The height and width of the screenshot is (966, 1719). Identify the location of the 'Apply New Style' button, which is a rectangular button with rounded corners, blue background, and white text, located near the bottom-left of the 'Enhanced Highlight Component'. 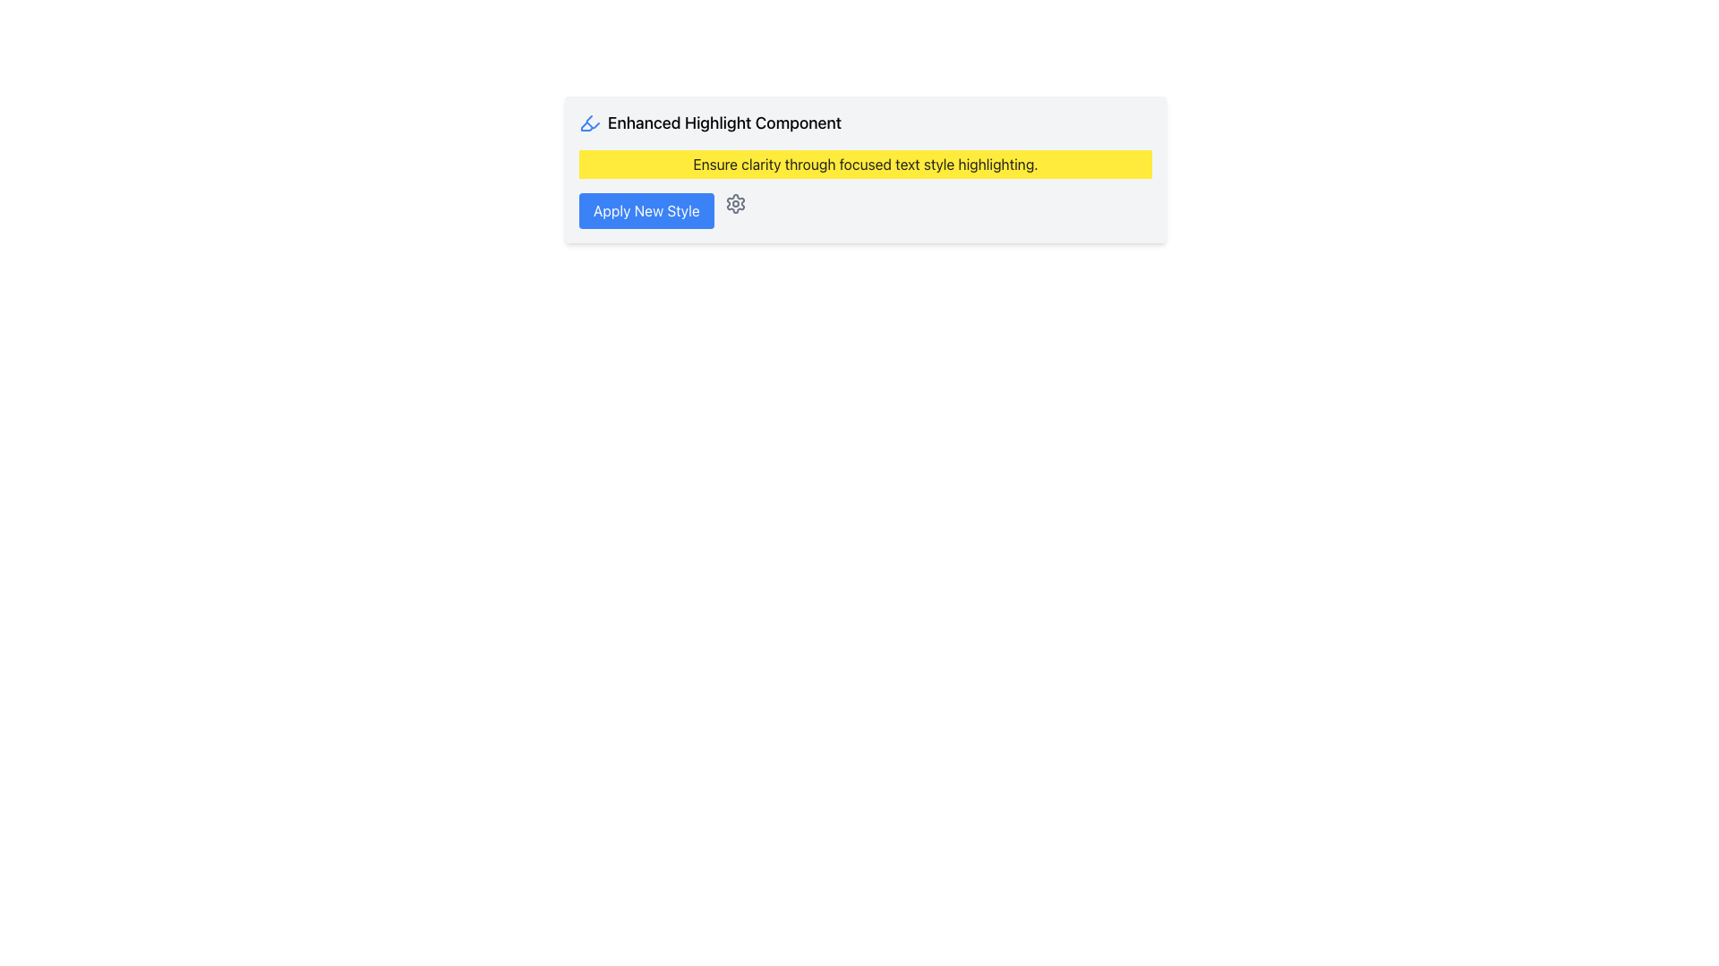
(645, 209).